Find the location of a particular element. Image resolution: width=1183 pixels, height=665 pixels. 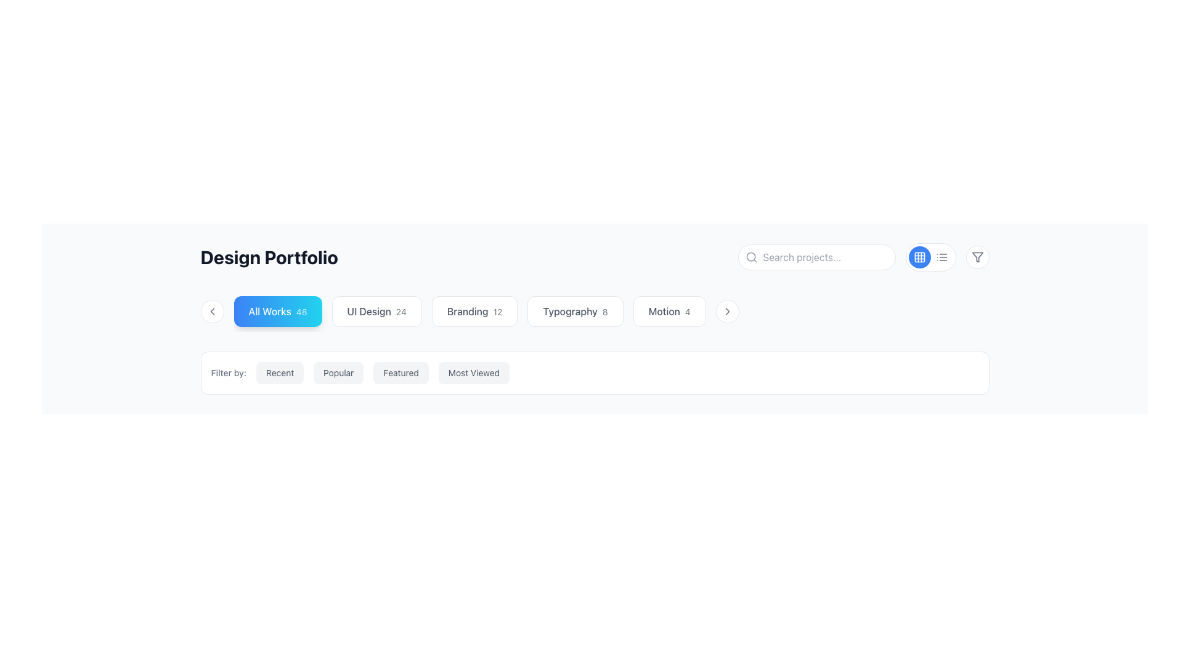

the second circular button from the left in the upper-right corner of the interface, which is a gray button with a list symbol, for any potential extended interaction is located at coordinates (941, 256).